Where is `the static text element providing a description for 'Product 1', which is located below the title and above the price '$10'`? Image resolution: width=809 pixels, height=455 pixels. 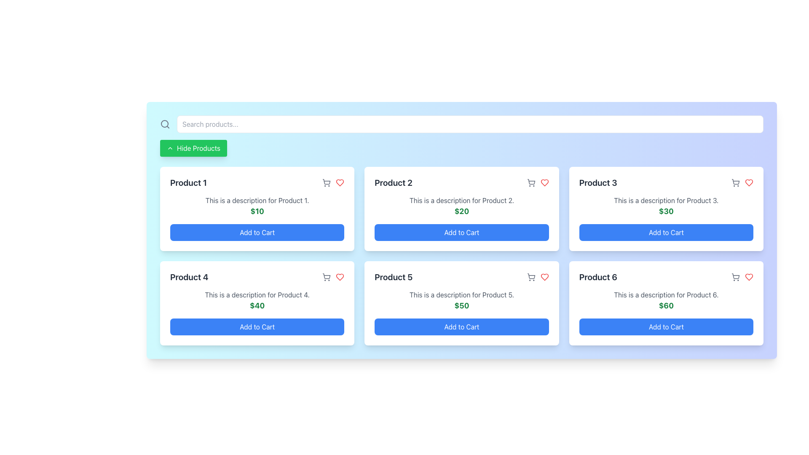 the static text element providing a description for 'Product 1', which is located below the title and above the price '$10' is located at coordinates (257, 200).